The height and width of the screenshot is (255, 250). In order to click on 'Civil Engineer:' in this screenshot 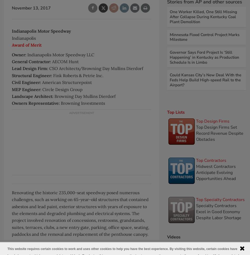, I will do `click(12, 82)`.